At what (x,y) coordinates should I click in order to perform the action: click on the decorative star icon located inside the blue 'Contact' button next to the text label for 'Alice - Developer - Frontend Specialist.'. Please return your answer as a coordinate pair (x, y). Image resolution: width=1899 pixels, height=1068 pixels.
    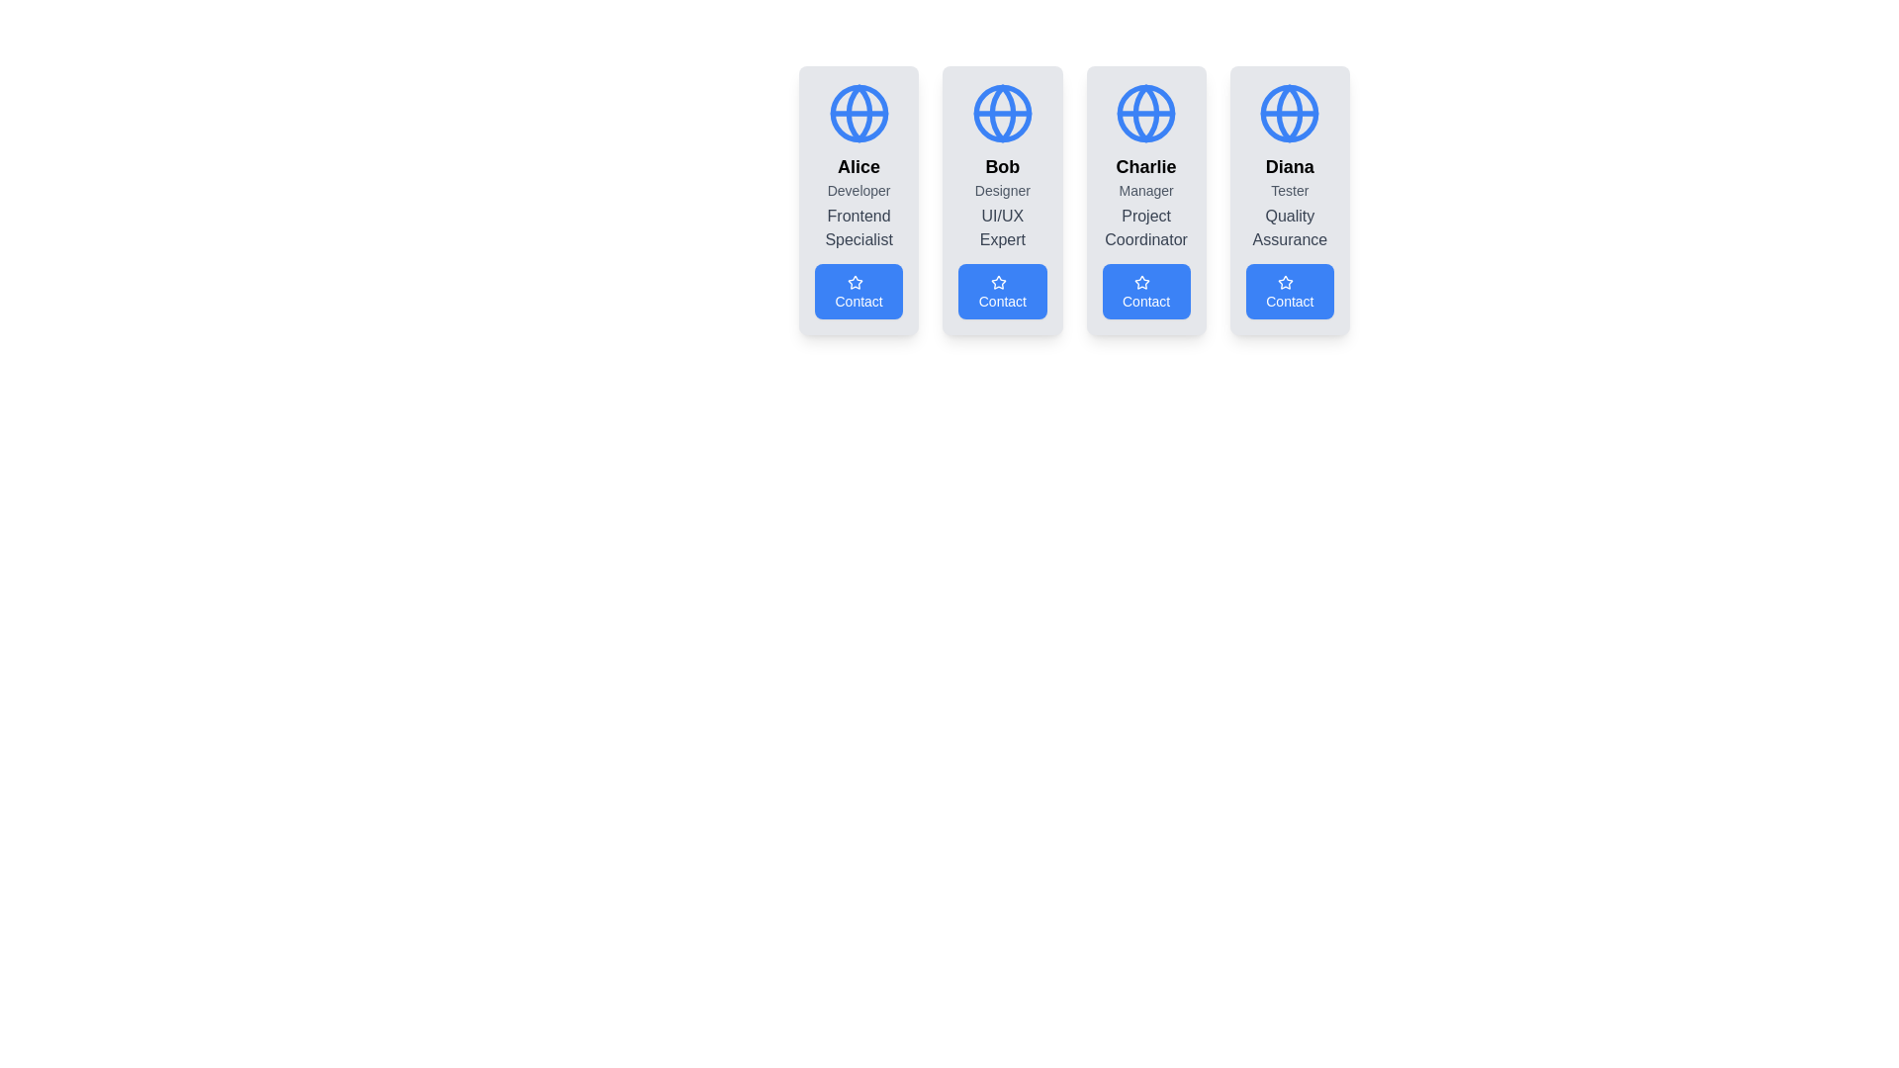
    Looking at the image, I should click on (855, 283).